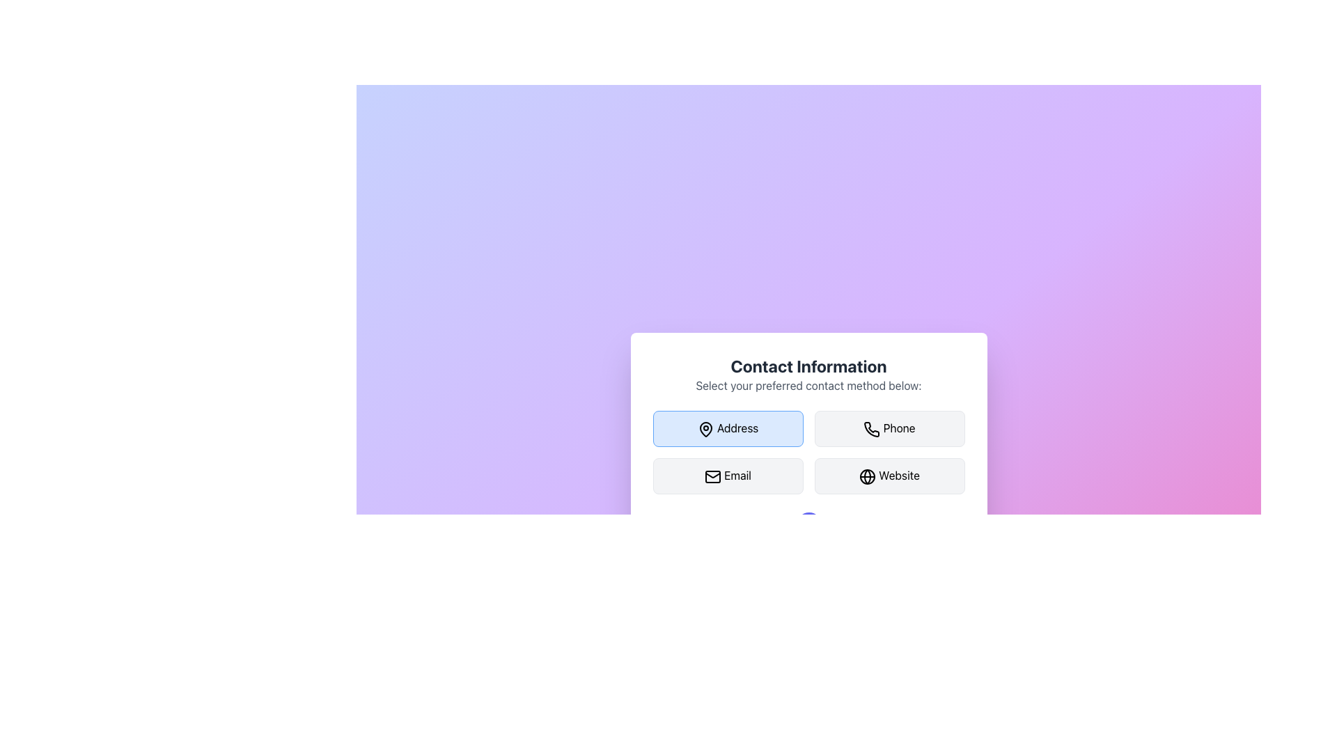  I want to click on the location pin icon that represents the 'Address' button, positioned within the button layout under 'Contact Information', so click(705, 429).